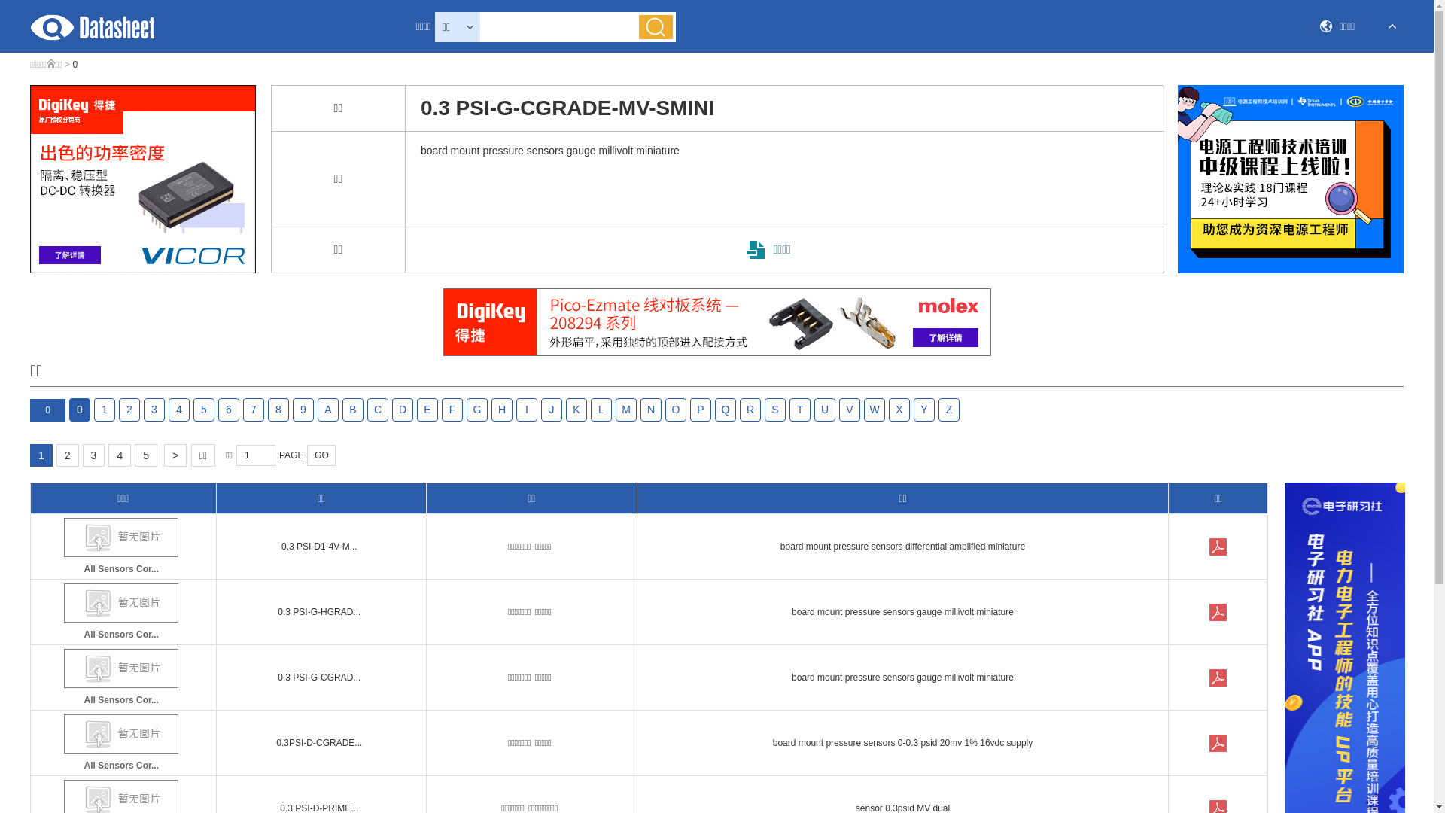 The width and height of the screenshot is (1445, 813). What do you see at coordinates (318, 676) in the screenshot?
I see `'0.3 PSI-G-CGRAD...'` at bounding box center [318, 676].